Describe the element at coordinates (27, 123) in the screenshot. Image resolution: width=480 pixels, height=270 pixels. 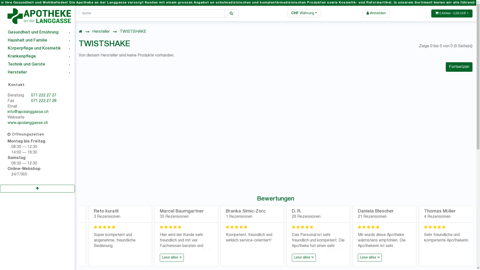
I see `'www.apolanggasse.ch'` at that location.